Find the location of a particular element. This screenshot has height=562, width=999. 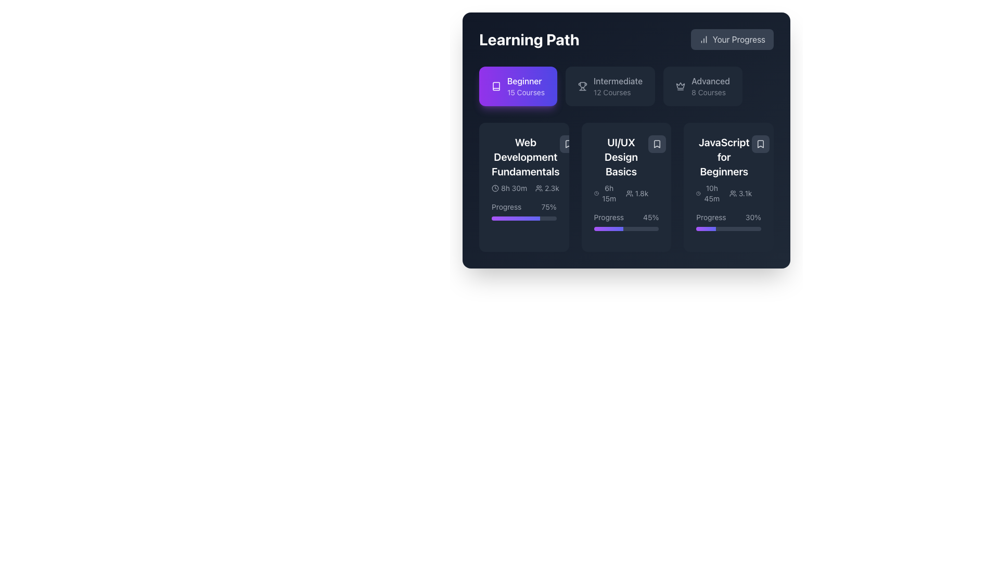

the progress value is located at coordinates (736, 228).